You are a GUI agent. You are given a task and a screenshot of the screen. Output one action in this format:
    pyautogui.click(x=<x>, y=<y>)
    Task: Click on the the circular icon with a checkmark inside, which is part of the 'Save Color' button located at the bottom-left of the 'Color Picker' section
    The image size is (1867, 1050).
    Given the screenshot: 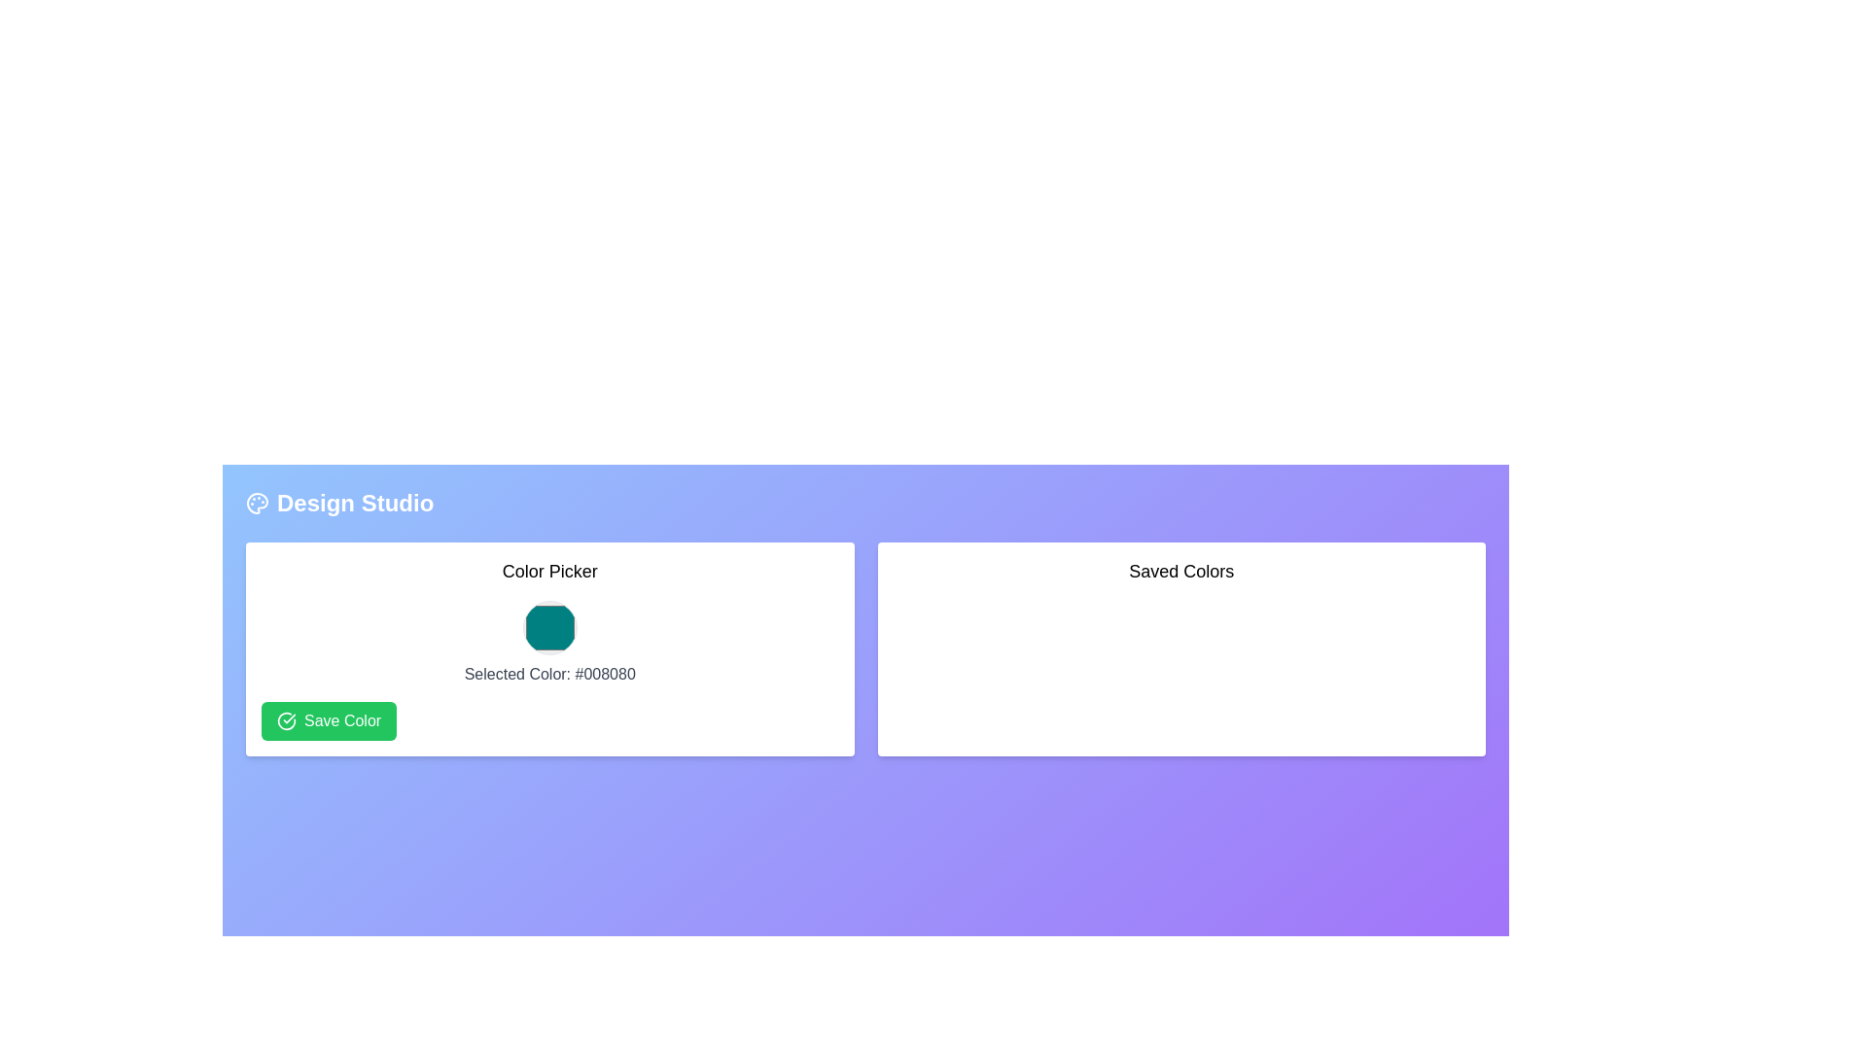 What is the action you would take?
    pyautogui.click(x=285, y=720)
    